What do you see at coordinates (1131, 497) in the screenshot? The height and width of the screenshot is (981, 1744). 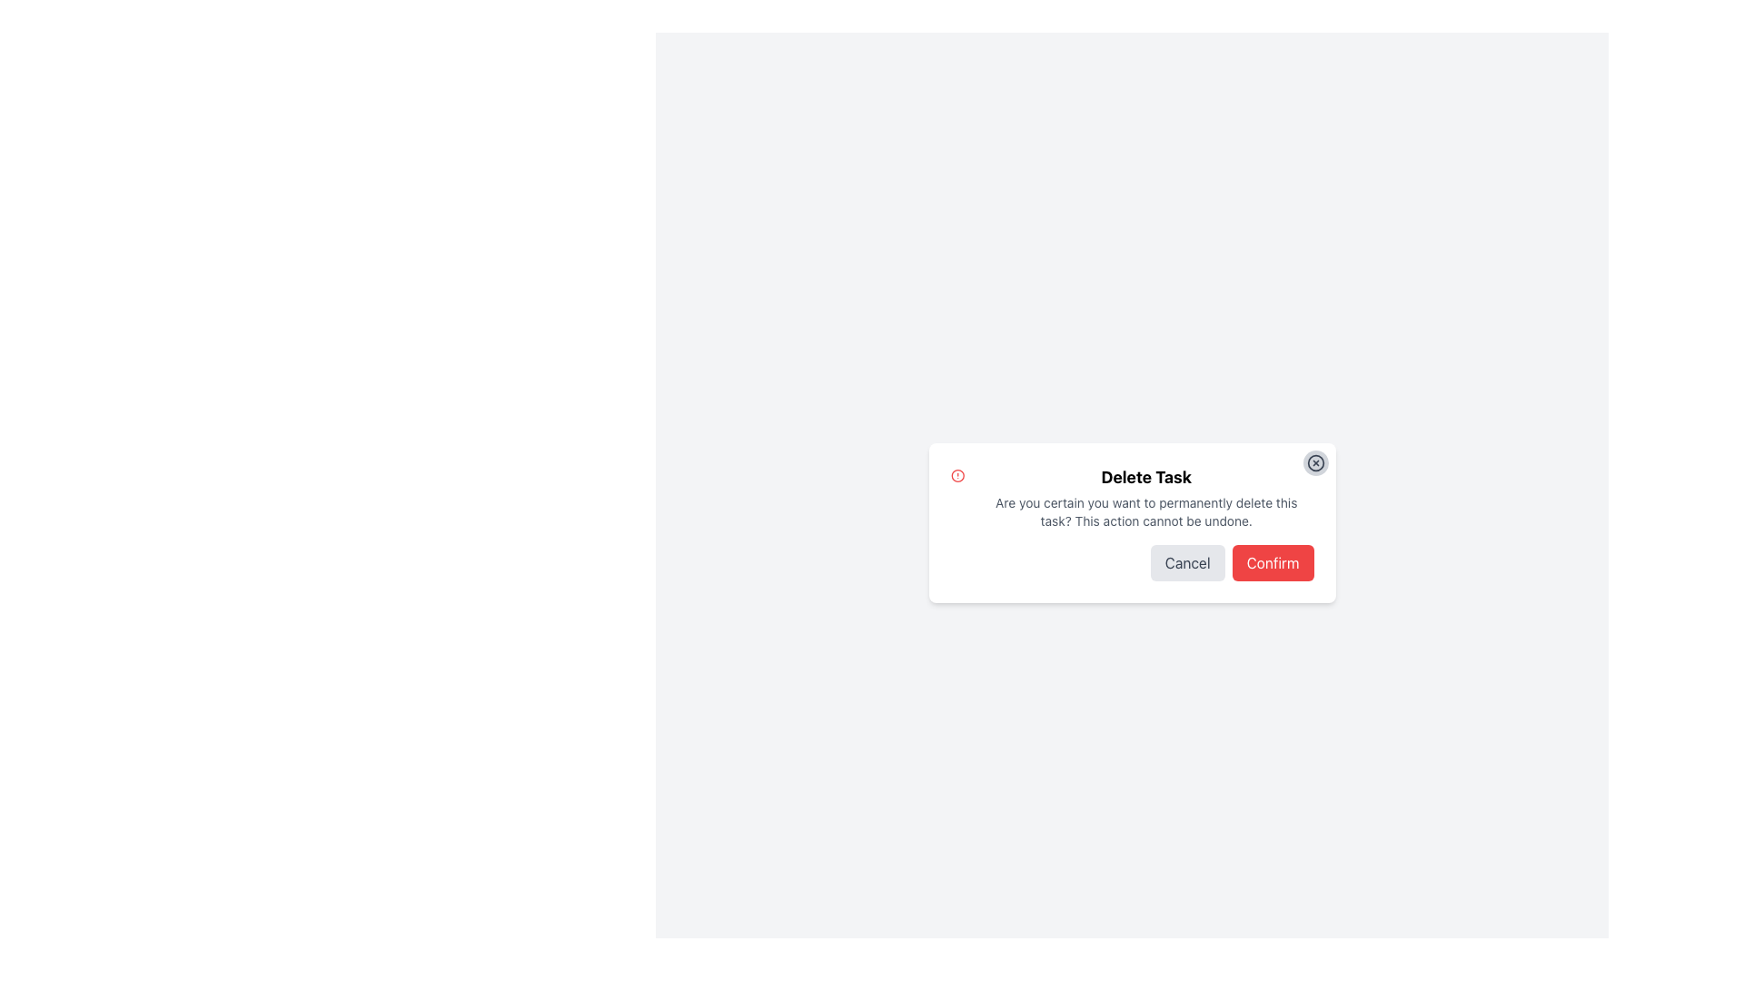 I see `critical information provided in the Text Block regarding the irreversibility of deleting a task, which is located below the close button and above the 'Cancel' and 'Confirm' buttons` at bounding box center [1131, 497].